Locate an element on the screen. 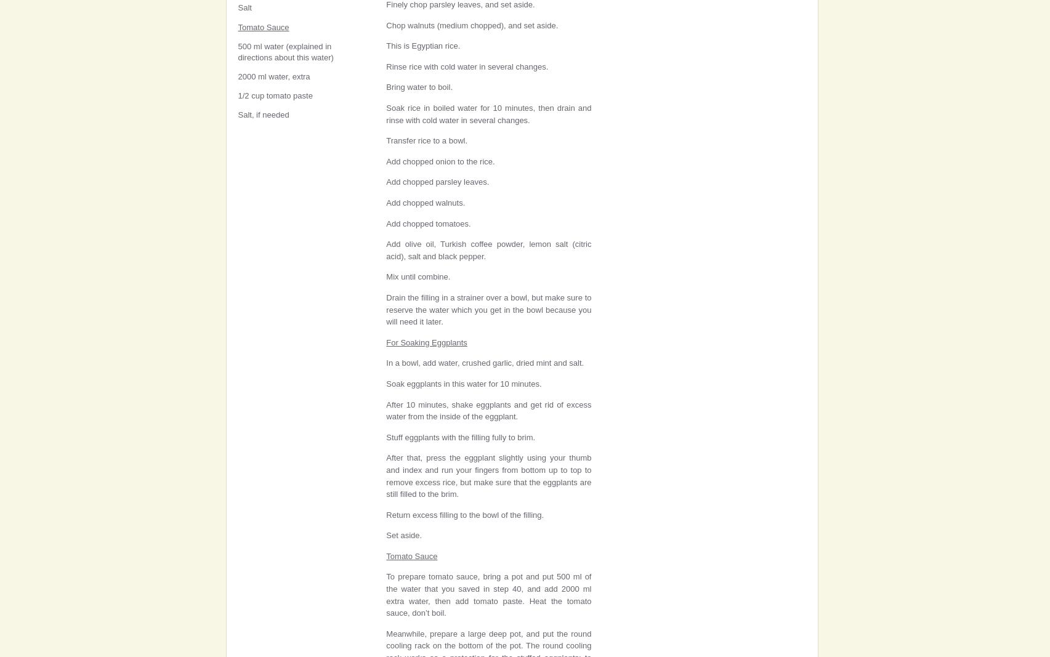 Image resolution: width=1050 pixels, height=657 pixels. 'Salt' is located at coordinates (243, 7).